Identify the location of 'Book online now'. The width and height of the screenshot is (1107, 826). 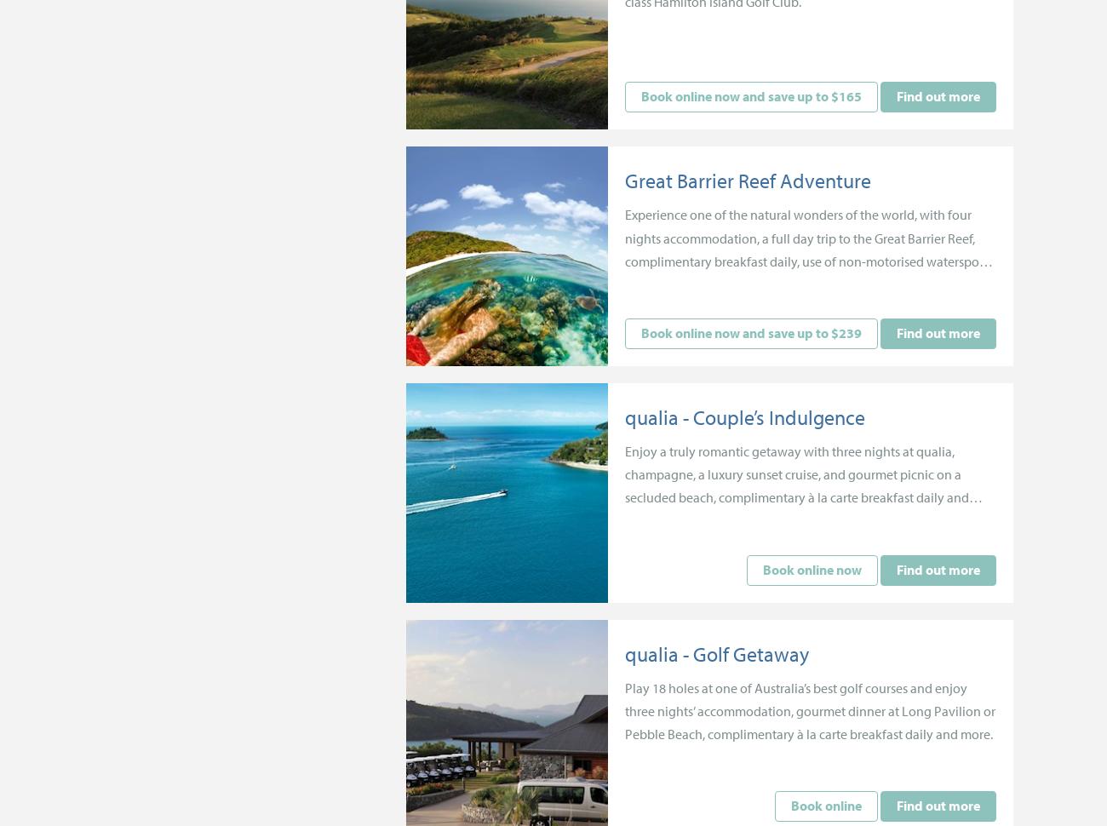
(812, 568).